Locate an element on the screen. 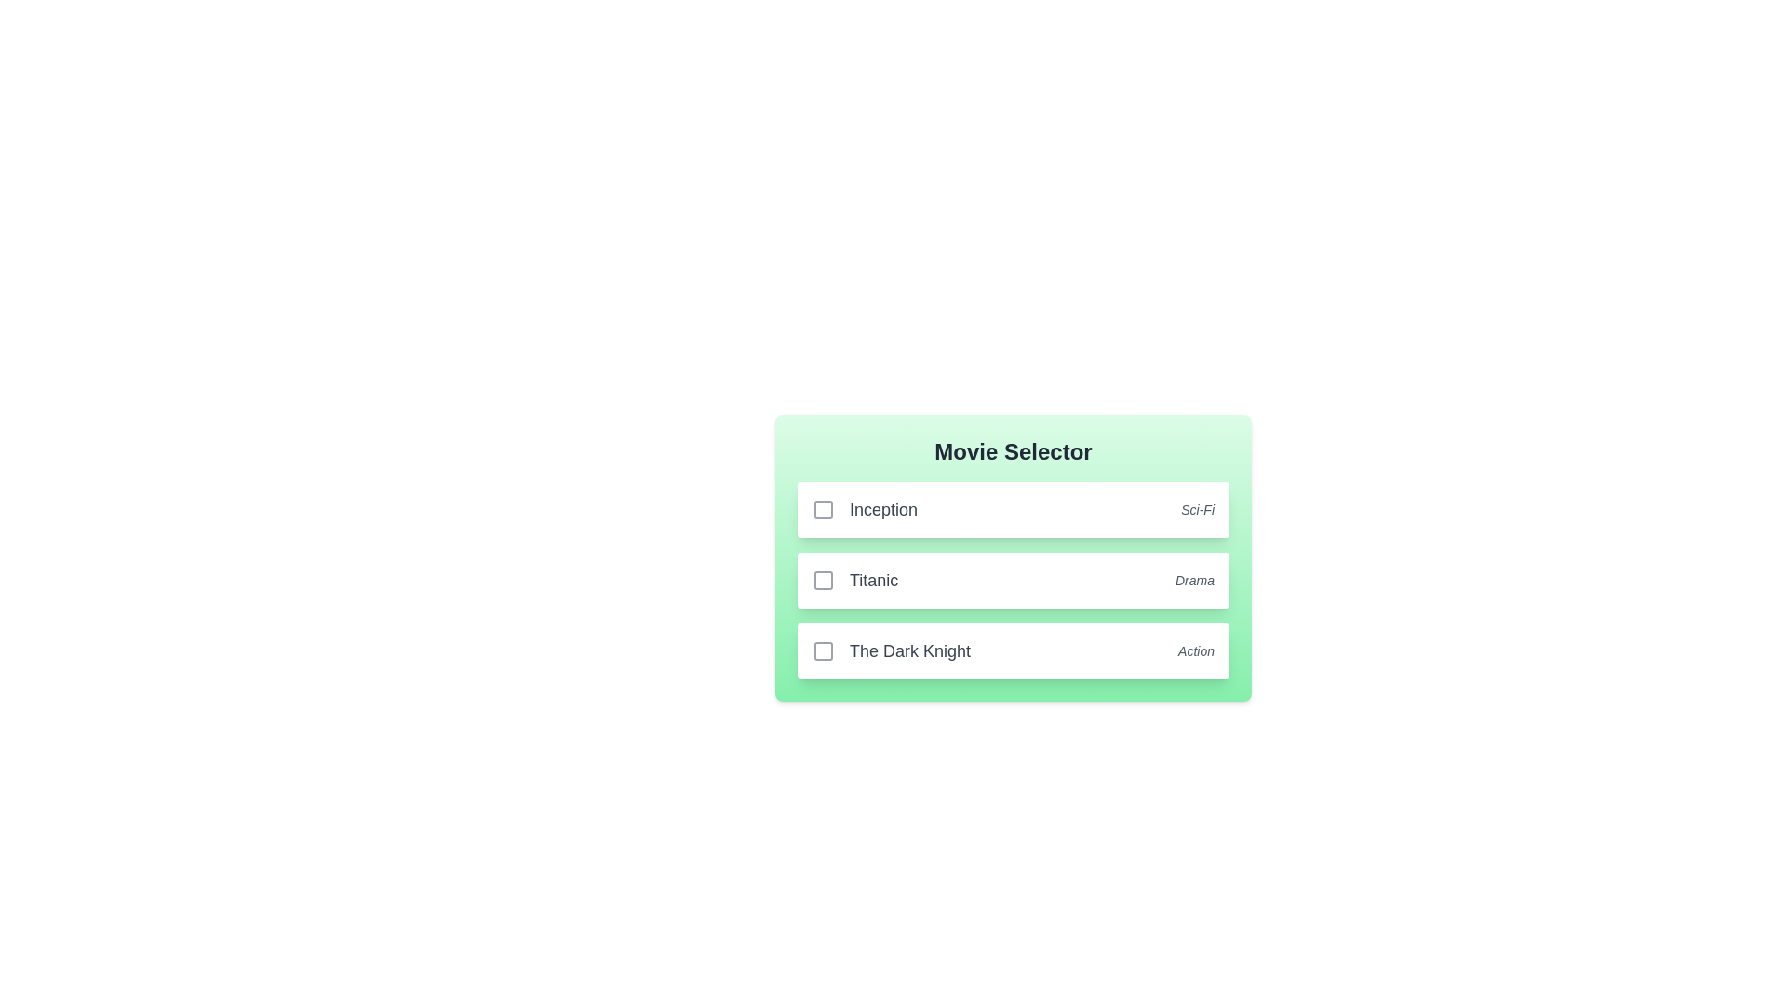 Image resolution: width=1787 pixels, height=1005 pixels. the movie Titanic by clicking its checkbox is located at coordinates (822, 580).